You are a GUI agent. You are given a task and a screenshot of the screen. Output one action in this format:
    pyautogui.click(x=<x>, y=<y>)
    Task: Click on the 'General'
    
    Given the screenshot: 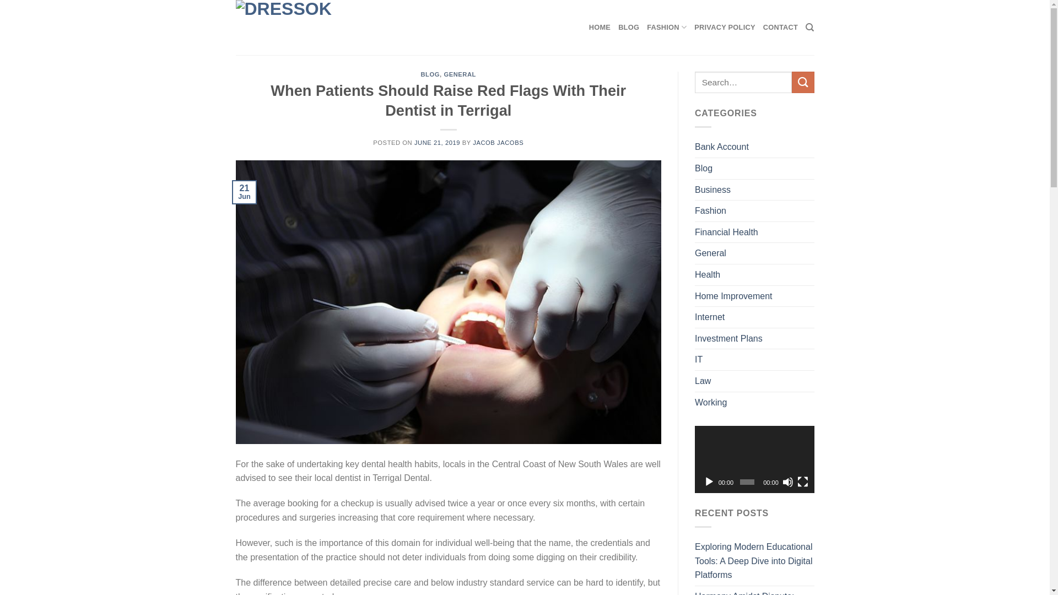 What is the action you would take?
    pyautogui.click(x=710, y=253)
    